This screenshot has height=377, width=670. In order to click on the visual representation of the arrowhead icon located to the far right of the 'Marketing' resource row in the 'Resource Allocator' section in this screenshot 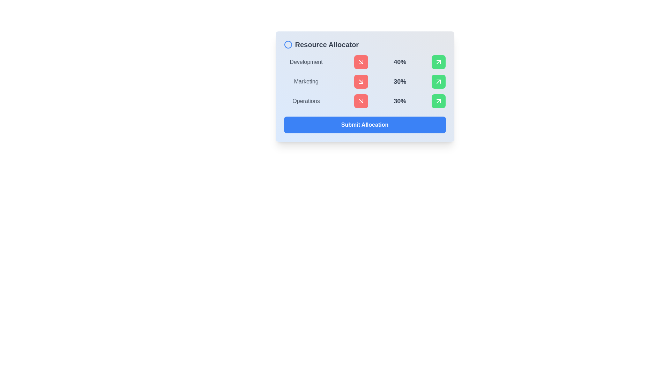, I will do `click(438, 81)`.